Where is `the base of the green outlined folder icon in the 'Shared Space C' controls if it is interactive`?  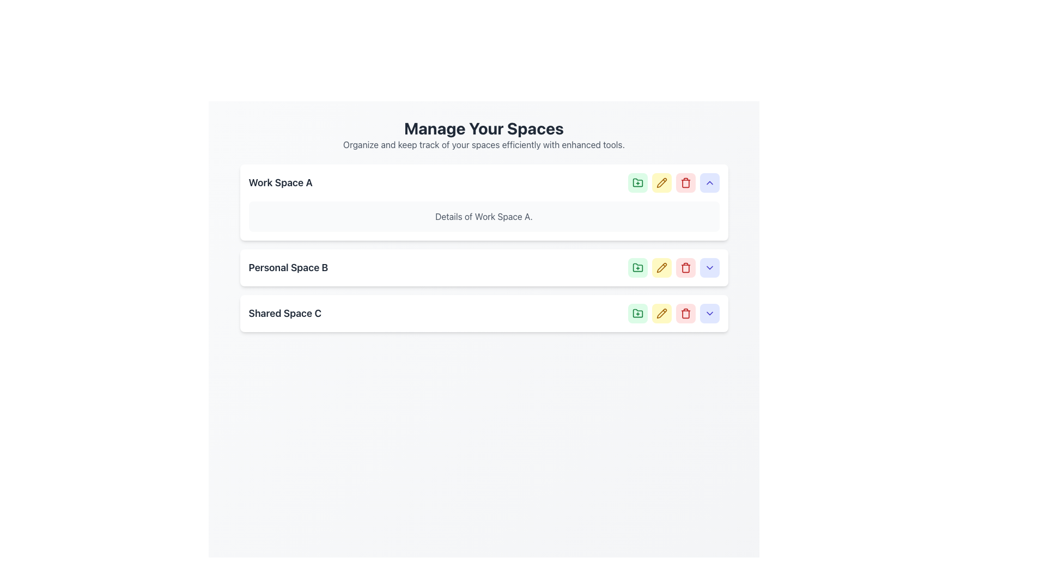 the base of the green outlined folder icon in the 'Shared Space C' controls if it is interactive is located at coordinates (637, 313).